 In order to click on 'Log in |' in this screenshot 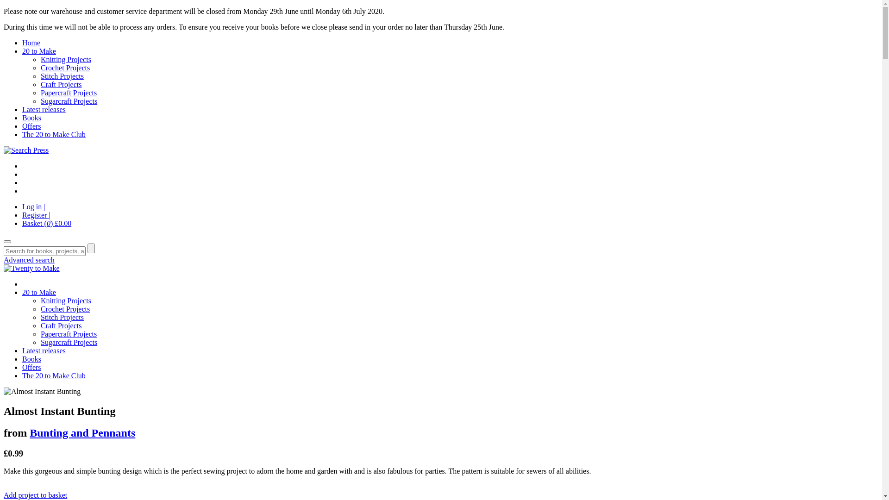, I will do `click(33, 206)`.